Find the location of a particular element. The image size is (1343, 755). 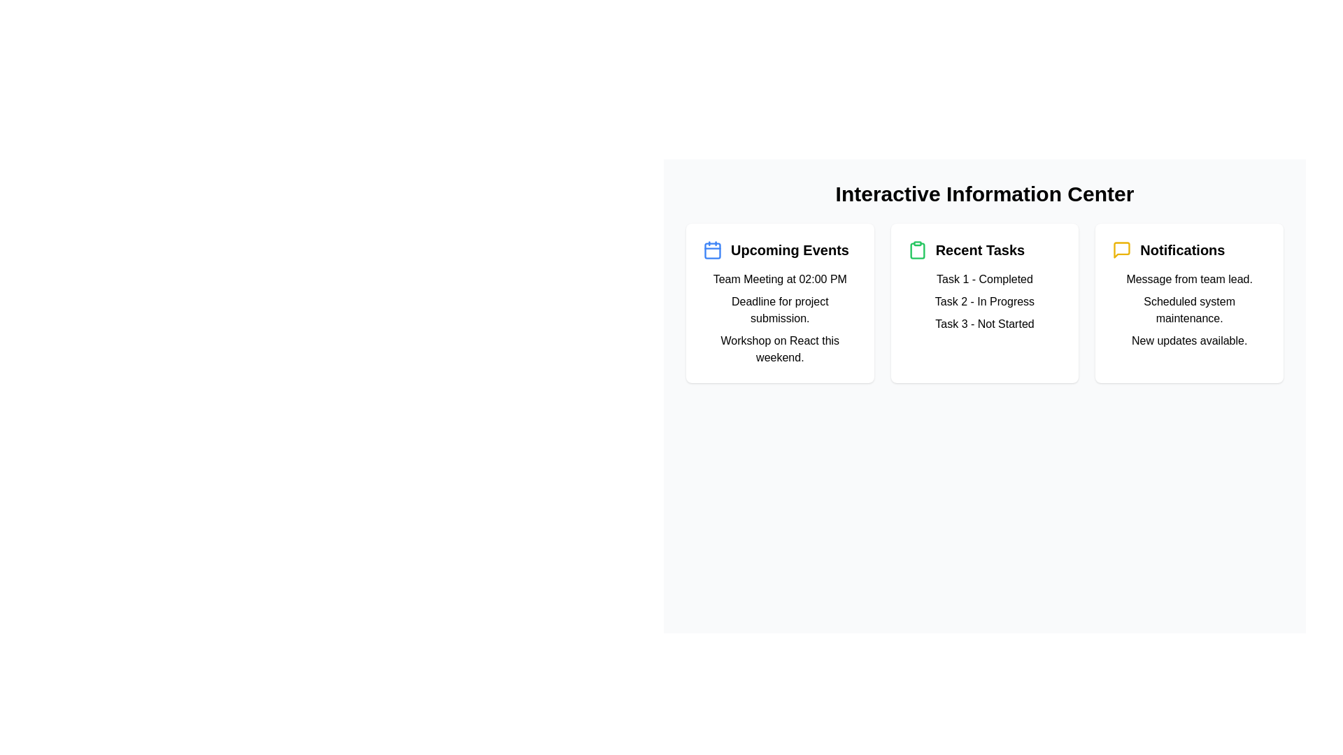

task list from the informational card titled 'Recent Tasks' which displays three task descriptions: 'Task 1 - Completed', 'Task 2 - In Progress', and 'Task 3 - Not Started' is located at coordinates (983, 303).